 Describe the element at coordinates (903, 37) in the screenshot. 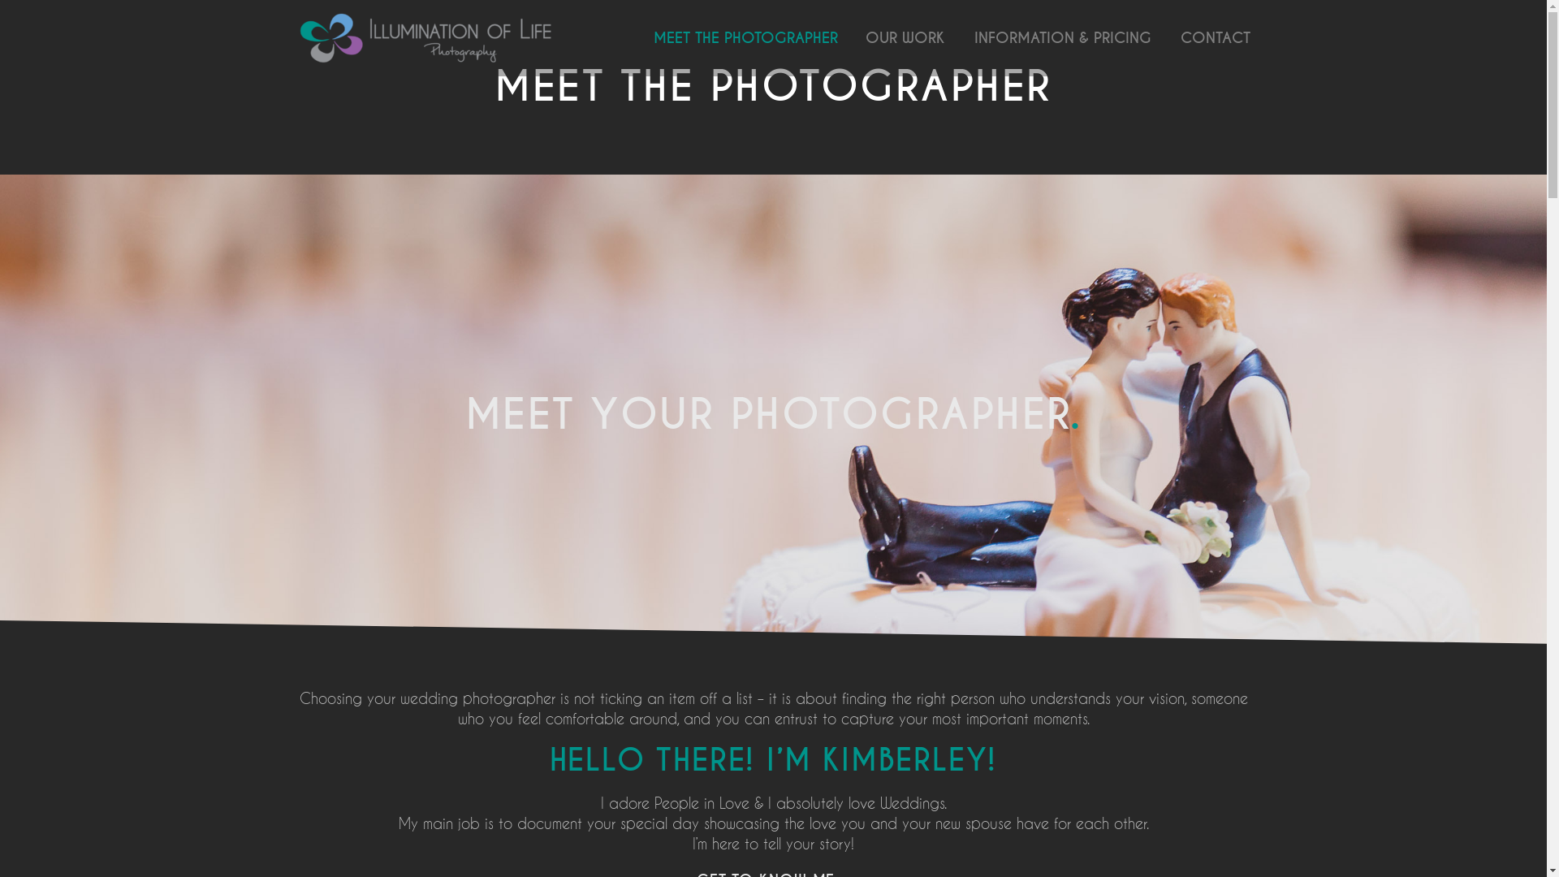

I see `'OUR WORK'` at that location.